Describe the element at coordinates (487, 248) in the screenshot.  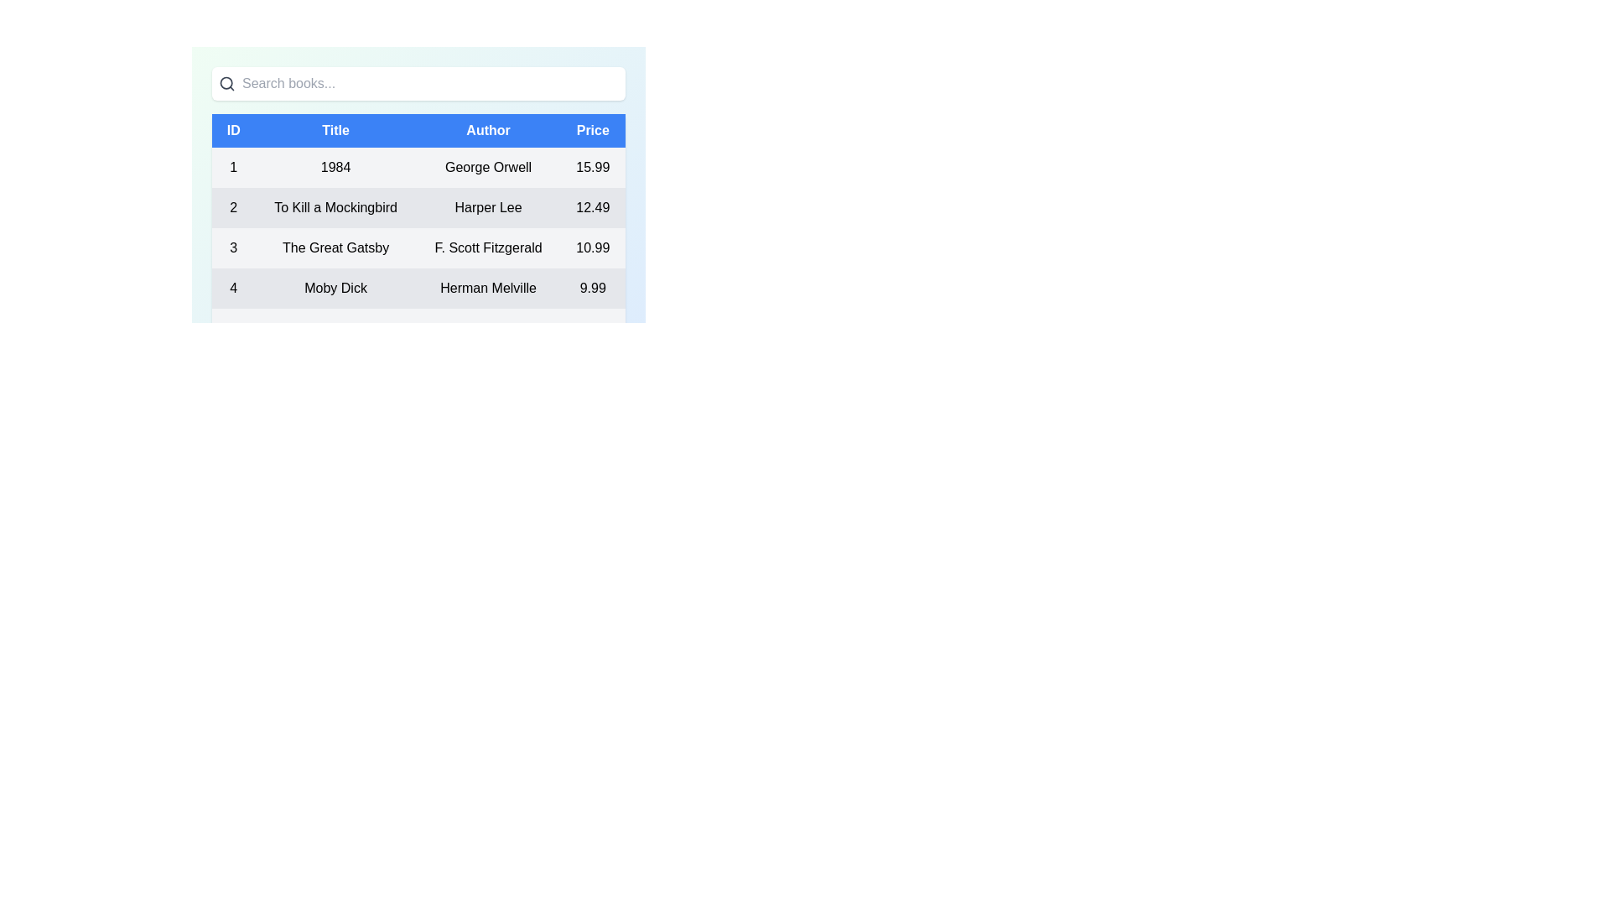
I see `text displayed in the 'Author' column of the table for the book 'The Great Gatsby', which is located in the third row between the 'Title' and 'Price' columns` at that location.